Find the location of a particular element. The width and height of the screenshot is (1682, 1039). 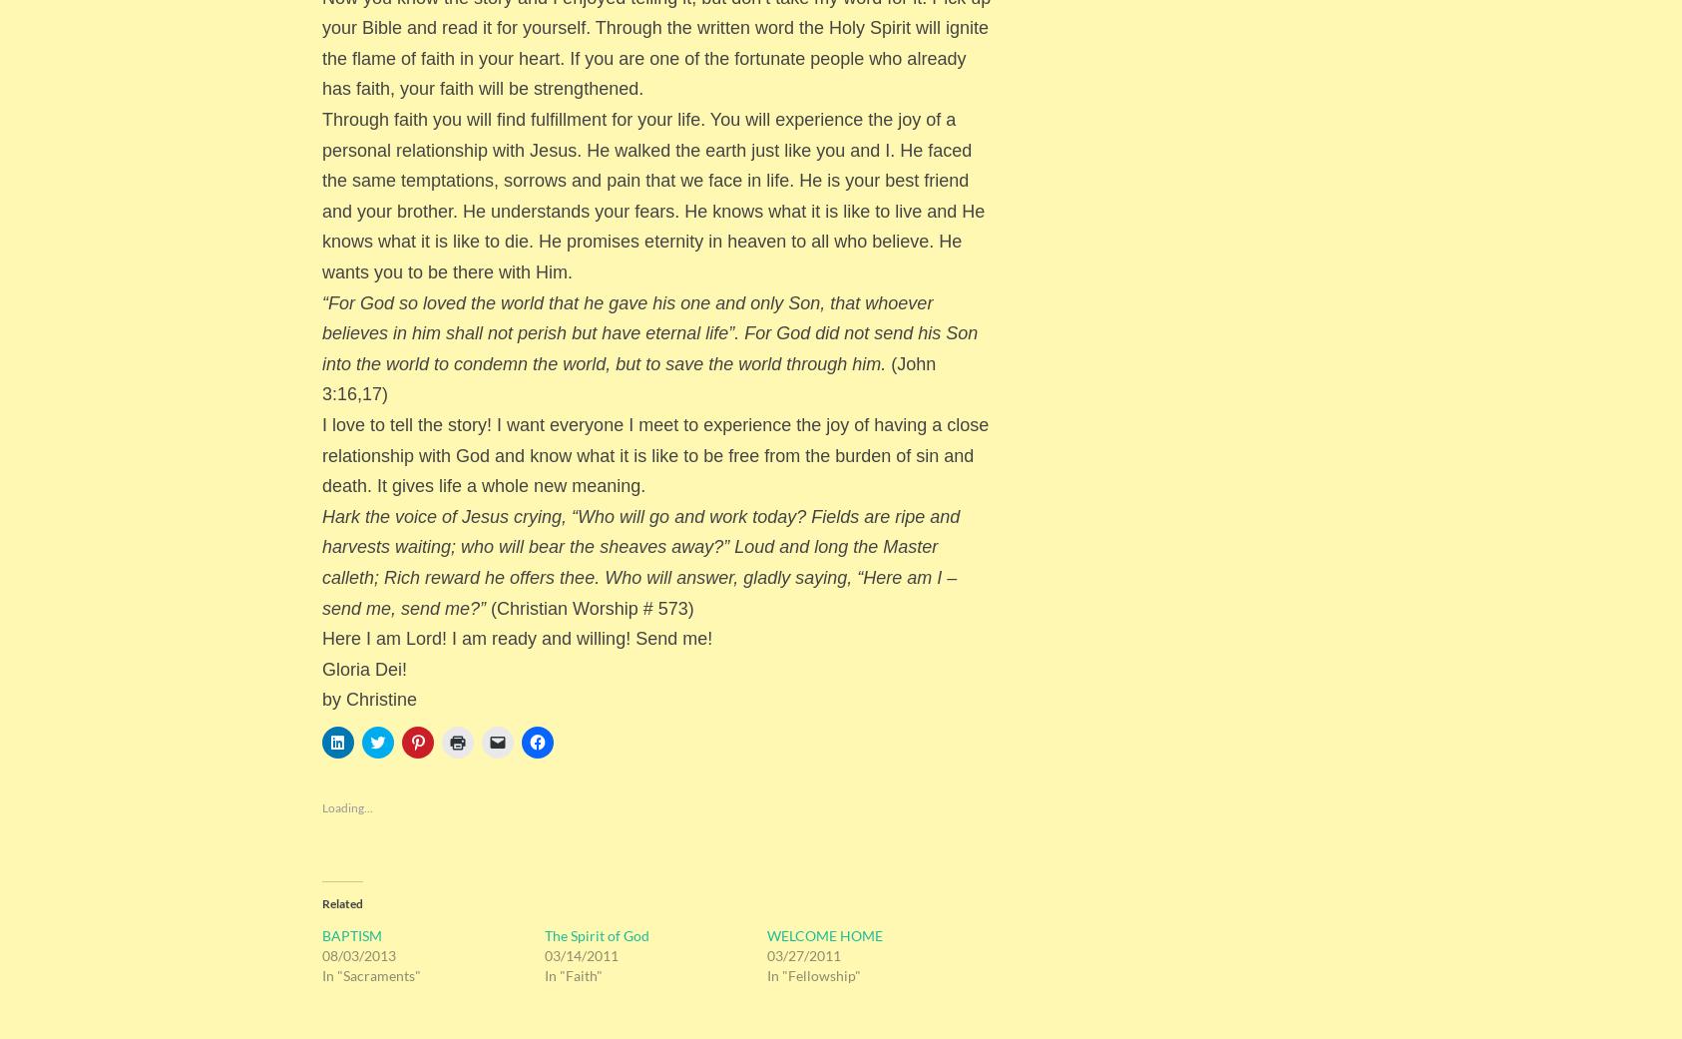

'Hark the voice of Jesus crying, “Who will go and work today? Fields are ripe and harvests waiting; who will bear the sheaves away?” Loud and long the Master calleth; Rich reward he offers thee. Who will answer, gladly saying, “Here am I – send me, send me?”' is located at coordinates (321, 561).